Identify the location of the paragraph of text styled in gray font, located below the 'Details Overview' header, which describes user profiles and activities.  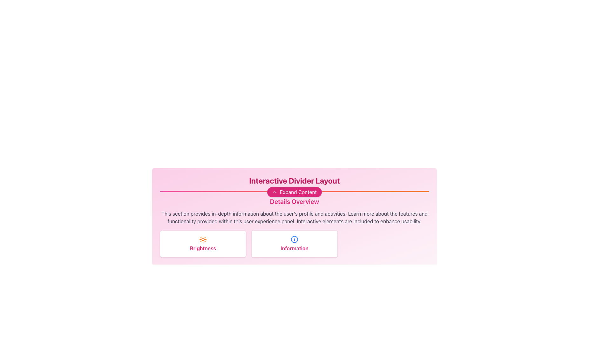
(294, 217).